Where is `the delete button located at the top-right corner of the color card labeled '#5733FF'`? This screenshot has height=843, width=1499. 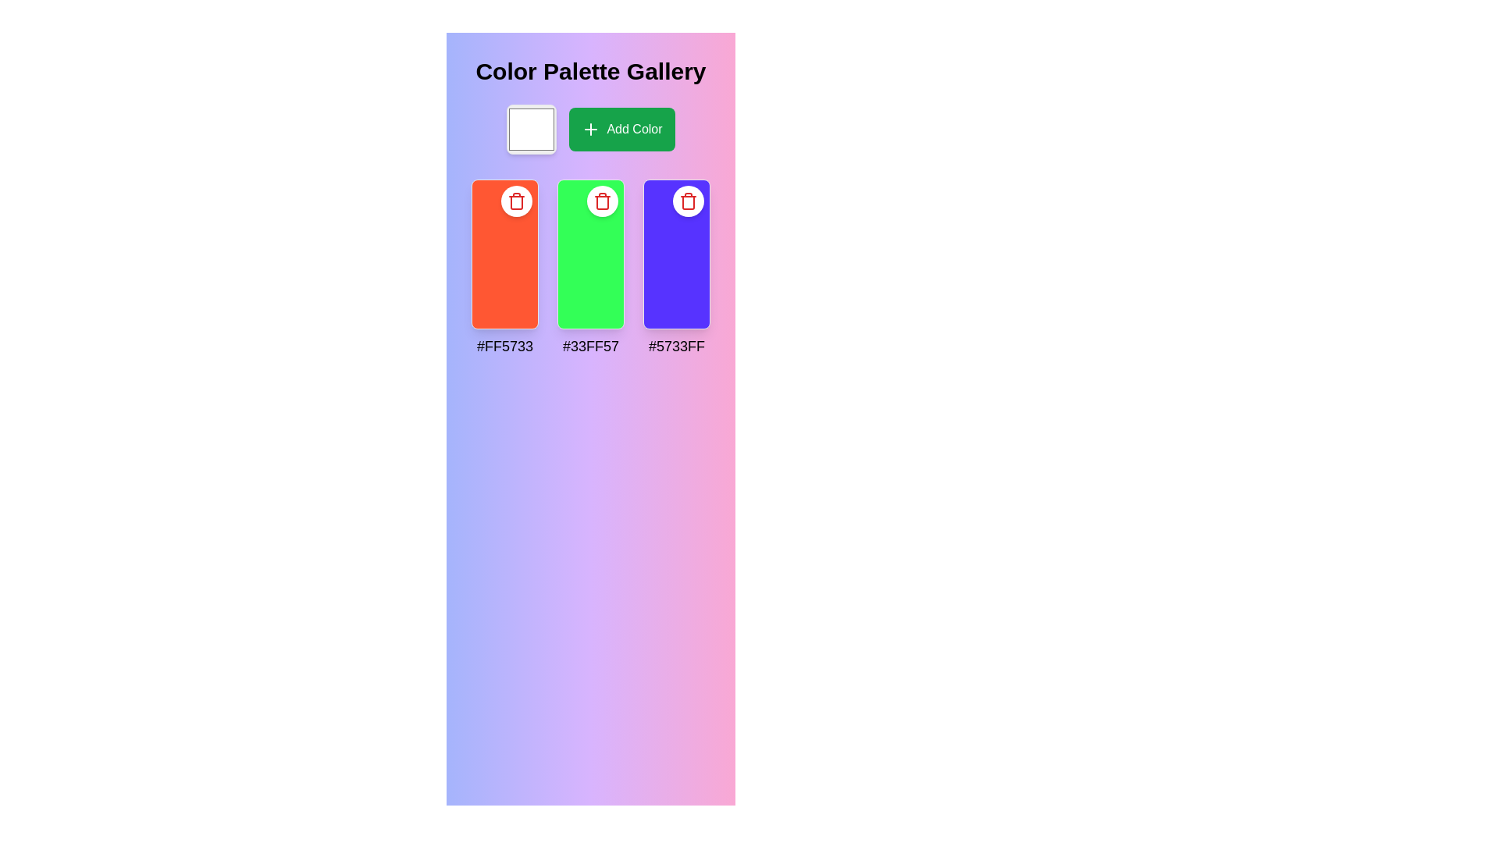 the delete button located at the top-right corner of the color card labeled '#5733FF' is located at coordinates (688, 201).